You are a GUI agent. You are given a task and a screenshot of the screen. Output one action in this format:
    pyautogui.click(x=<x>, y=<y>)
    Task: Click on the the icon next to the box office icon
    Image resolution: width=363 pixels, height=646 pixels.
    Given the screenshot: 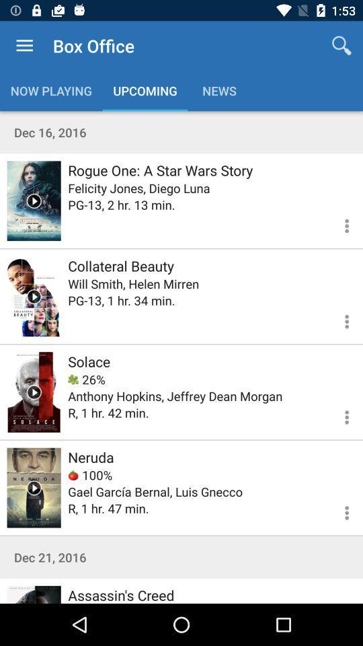 What is the action you would take?
    pyautogui.click(x=341, y=46)
    